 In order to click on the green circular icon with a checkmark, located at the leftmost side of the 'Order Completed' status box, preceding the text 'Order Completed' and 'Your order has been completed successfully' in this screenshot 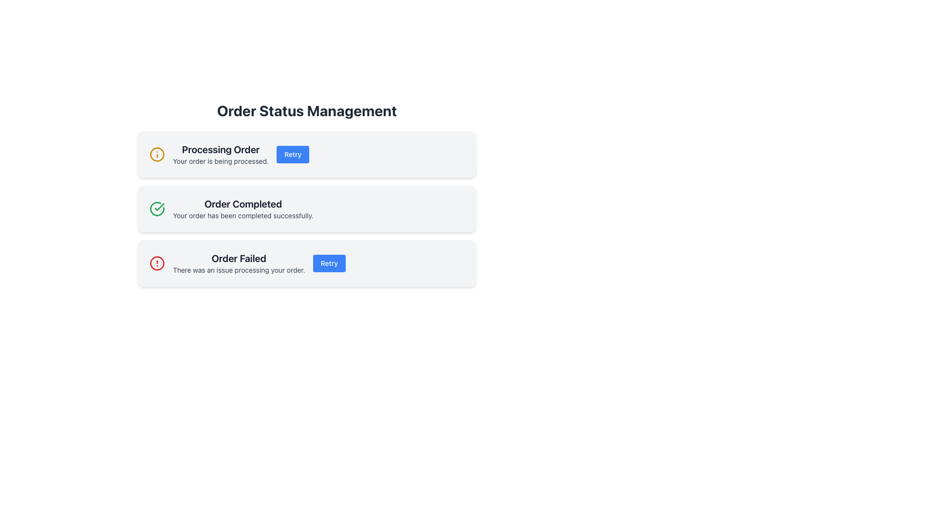, I will do `click(157, 208)`.